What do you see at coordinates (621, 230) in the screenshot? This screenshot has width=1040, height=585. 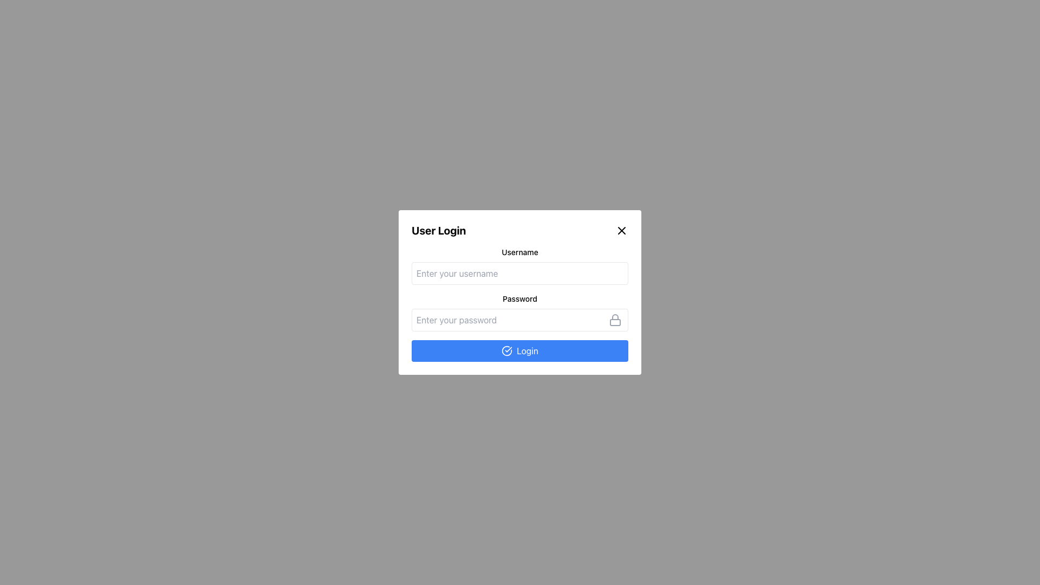 I see `the diagonal line forming part of the 'X' shaped close button located in the top-right corner of the login modal` at bounding box center [621, 230].